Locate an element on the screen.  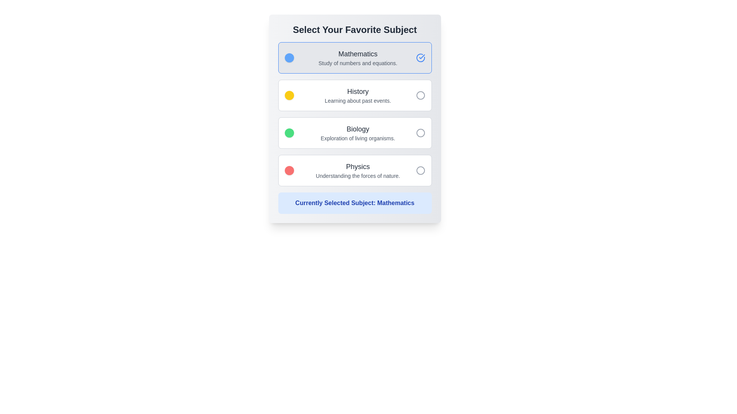
the 'Mathematics' card, which is the first card in a vertical list with a light gray background and a blue outline is located at coordinates (354, 57).